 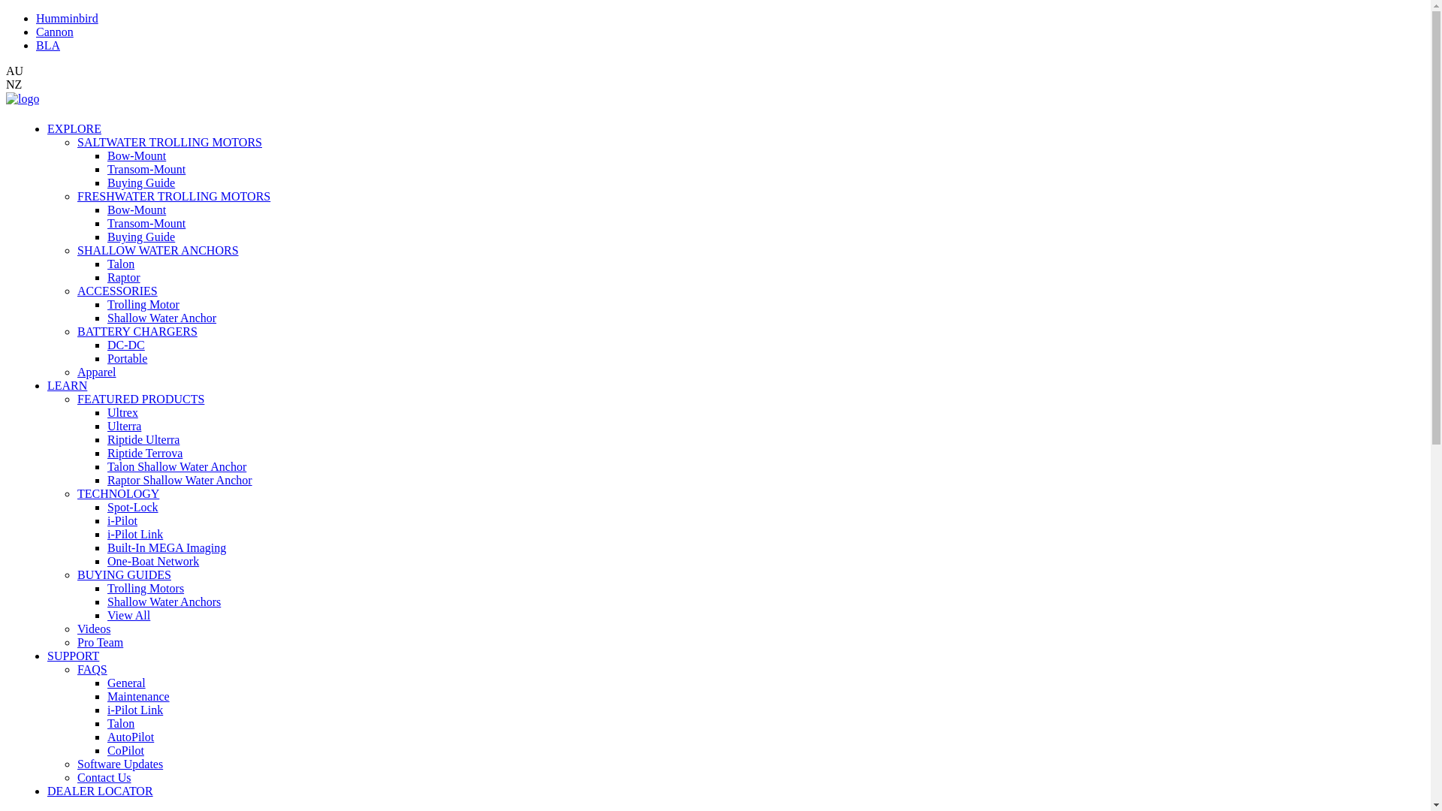 What do you see at coordinates (122, 520) in the screenshot?
I see `'i-Pilot'` at bounding box center [122, 520].